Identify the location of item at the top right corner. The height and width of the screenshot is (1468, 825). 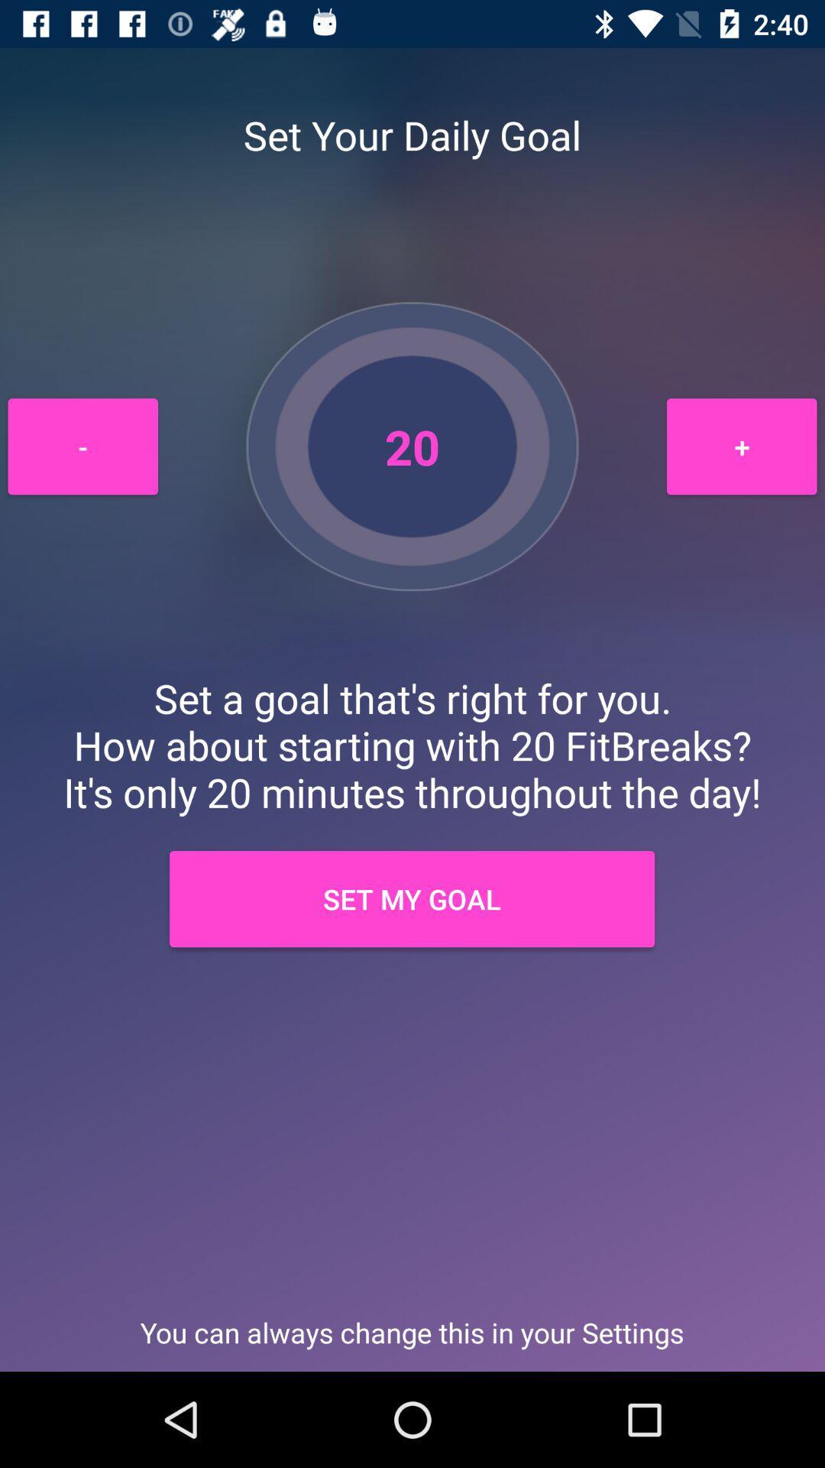
(741, 446).